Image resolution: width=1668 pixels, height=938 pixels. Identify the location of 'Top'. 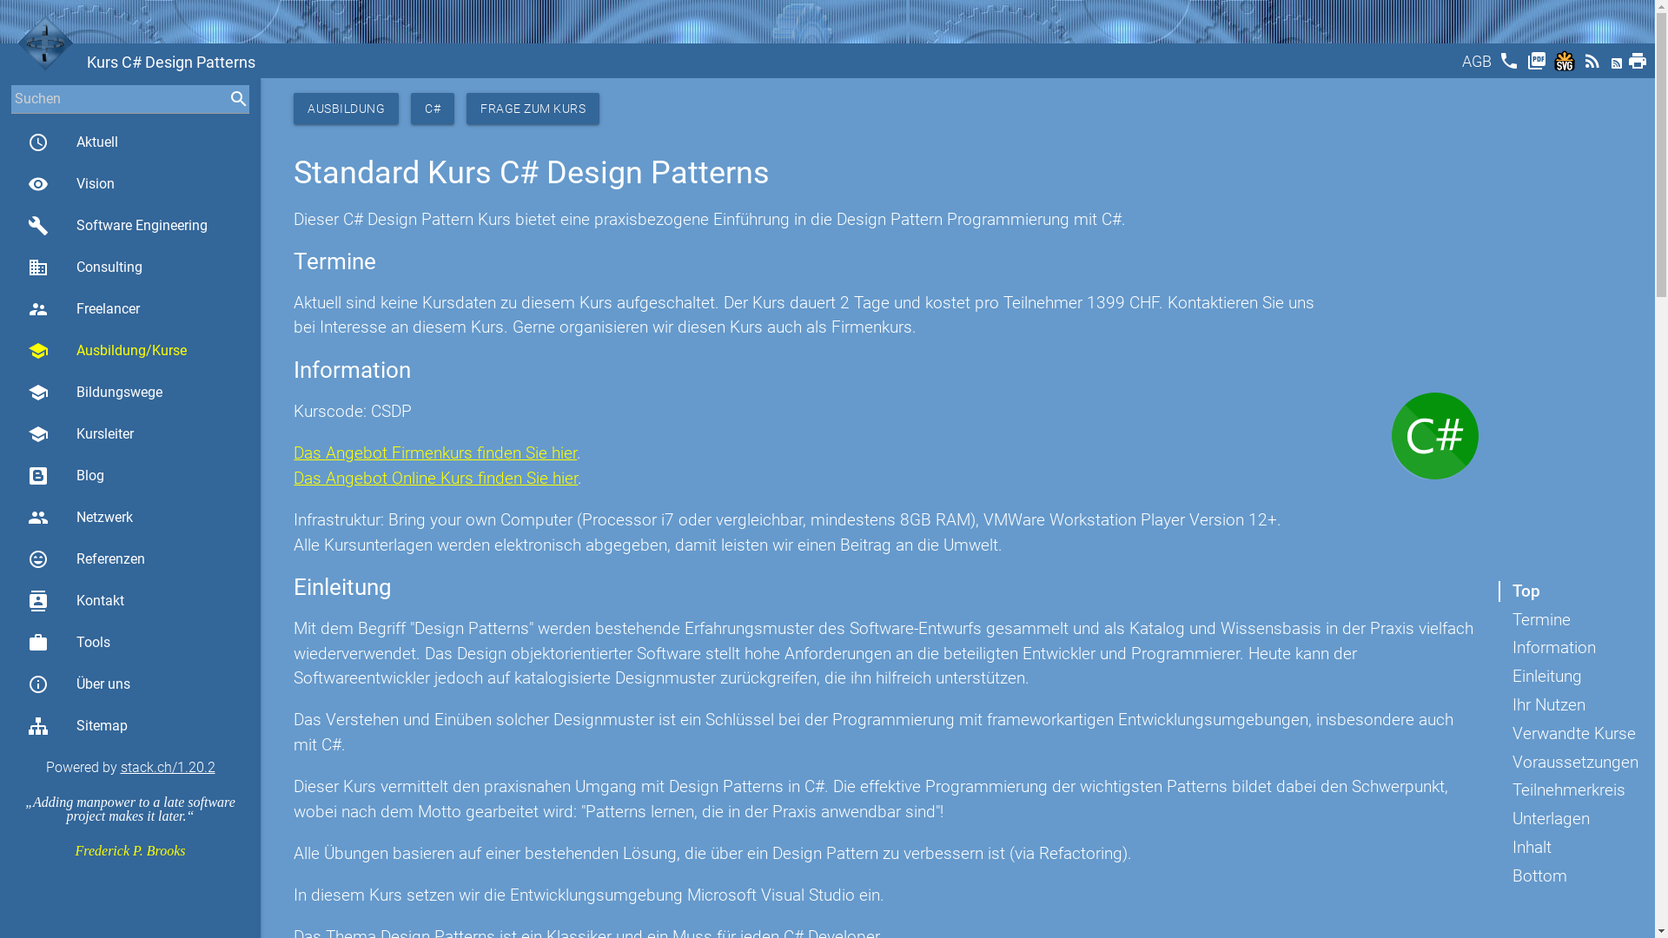
(1518, 591).